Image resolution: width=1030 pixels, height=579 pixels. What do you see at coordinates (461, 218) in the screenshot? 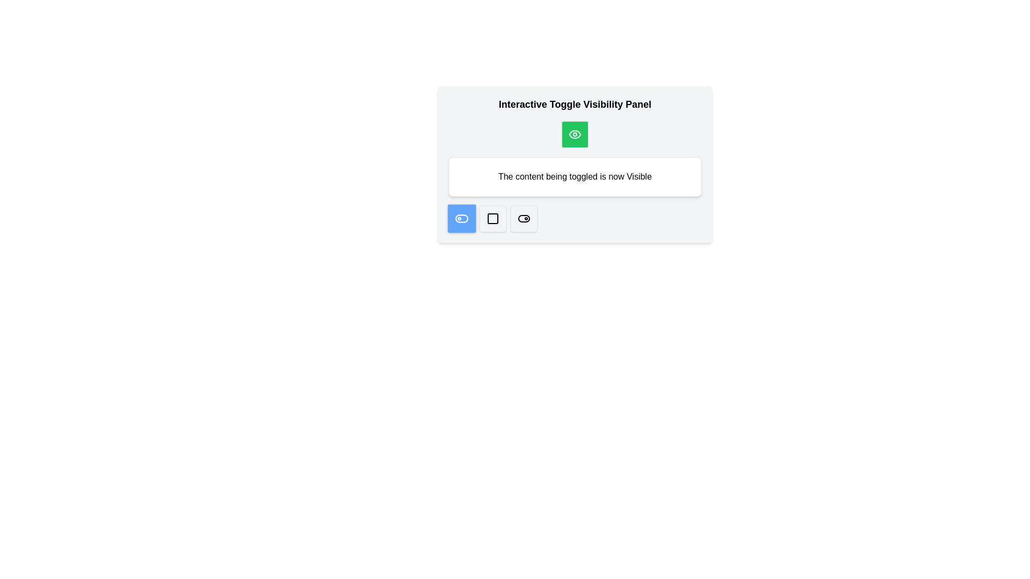
I see `the blue toggle switch background element, which is the leftmost in a row of controls below a text panel` at bounding box center [461, 218].